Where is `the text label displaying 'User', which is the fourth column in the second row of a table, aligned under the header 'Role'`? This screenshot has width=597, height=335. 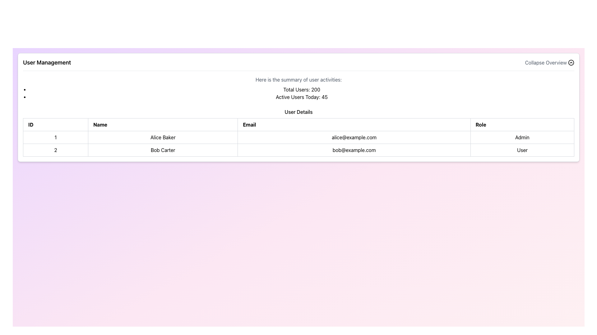
the text label displaying 'User', which is the fourth column in the second row of a table, aligned under the header 'Role' is located at coordinates (522, 150).